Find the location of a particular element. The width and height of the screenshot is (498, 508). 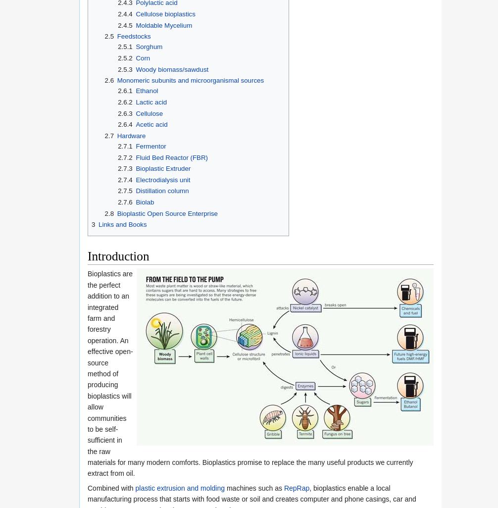

'Biolab' is located at coordinates (144, 202).